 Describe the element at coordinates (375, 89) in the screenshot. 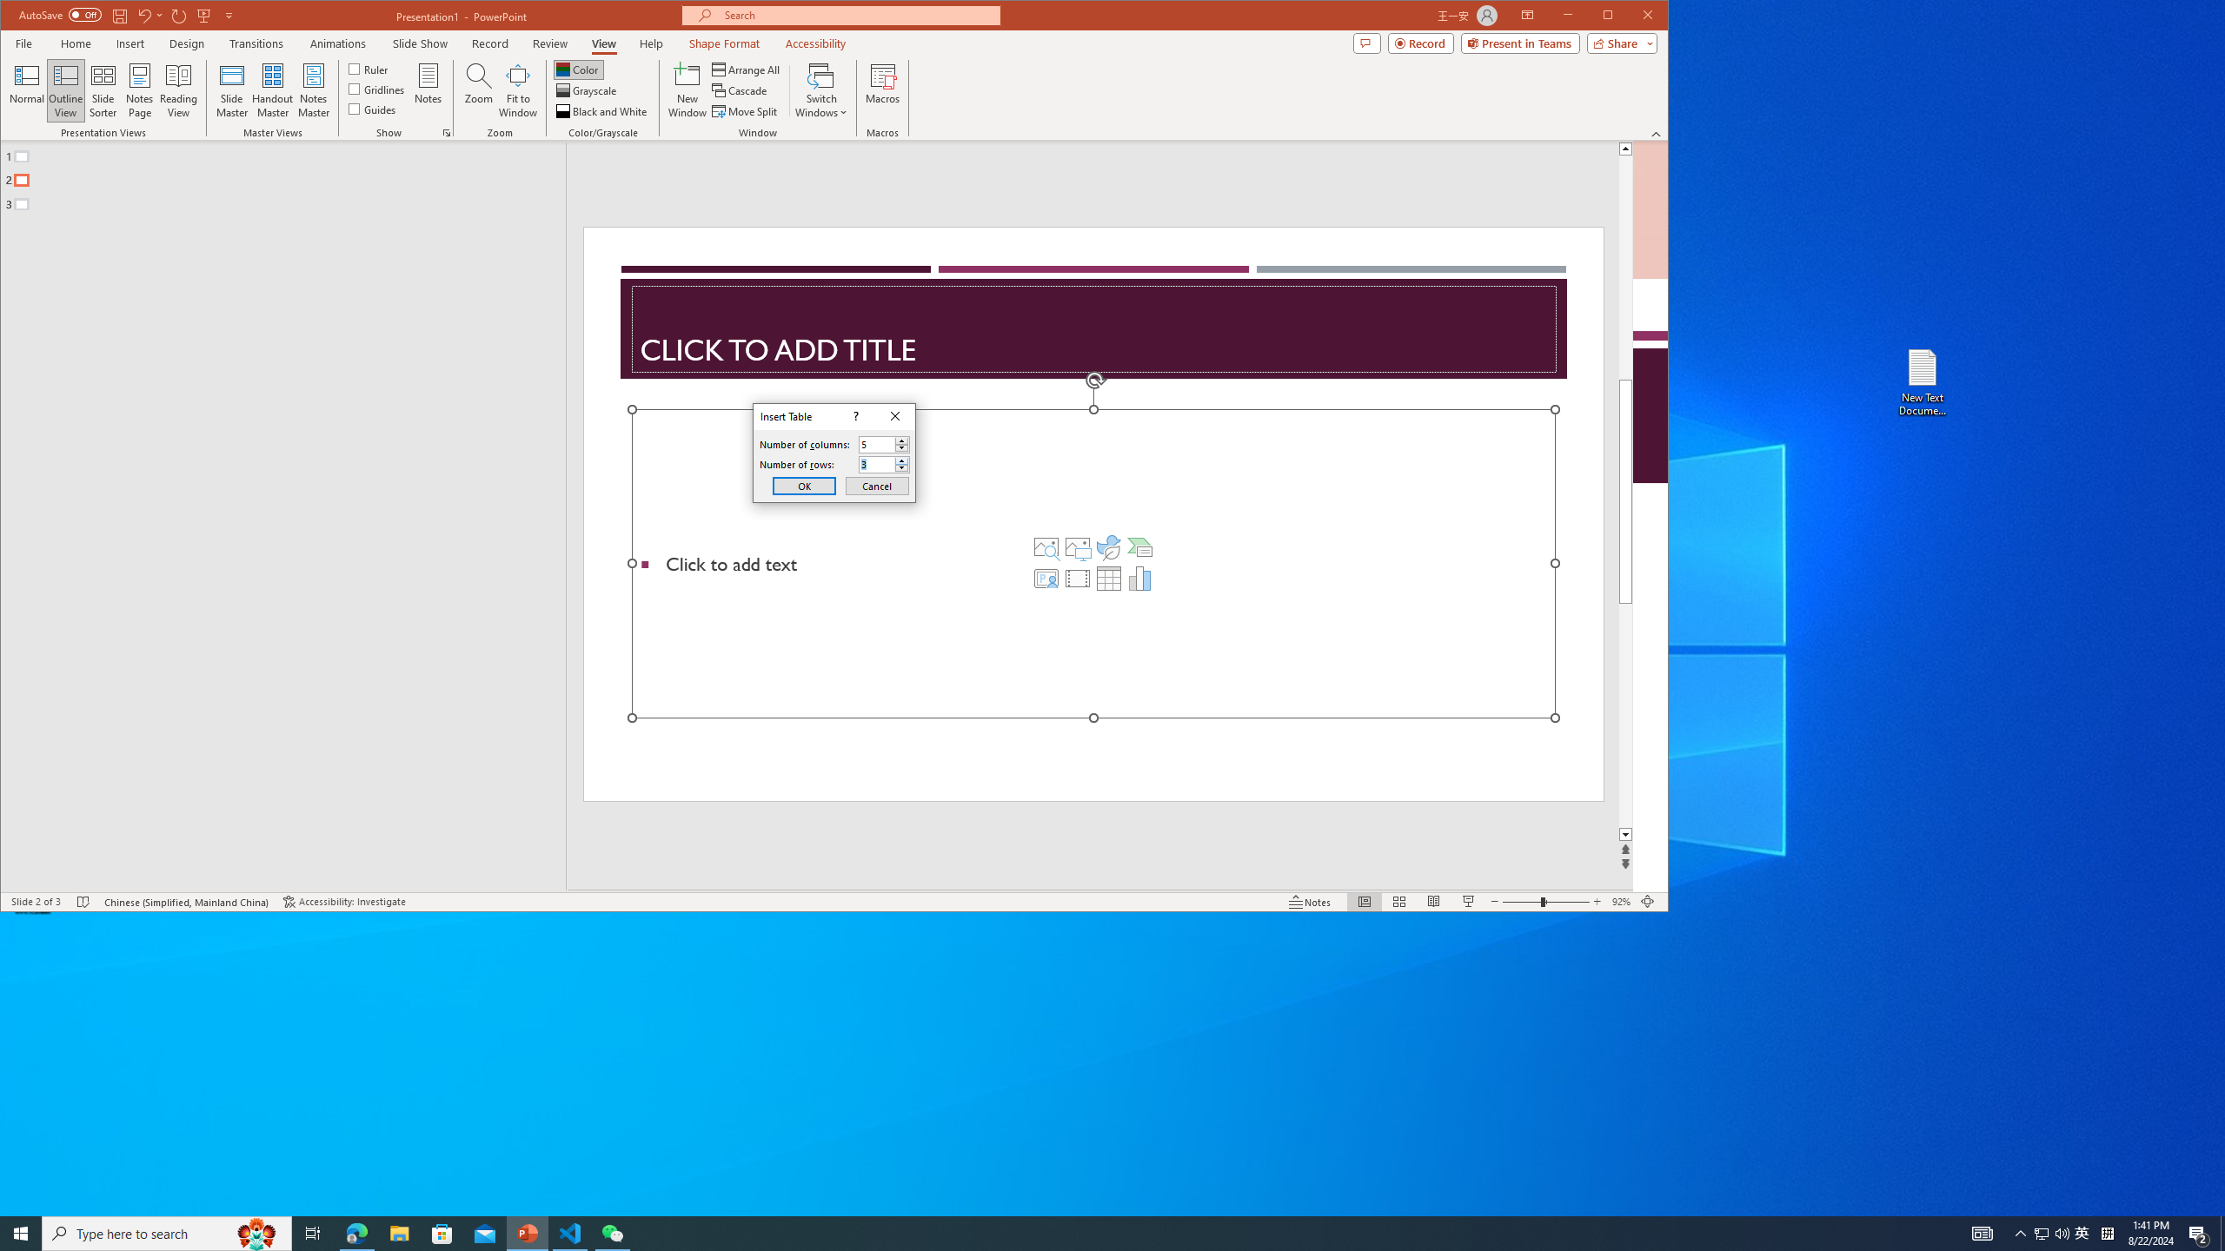

I see `'Gridlines'` at that location.